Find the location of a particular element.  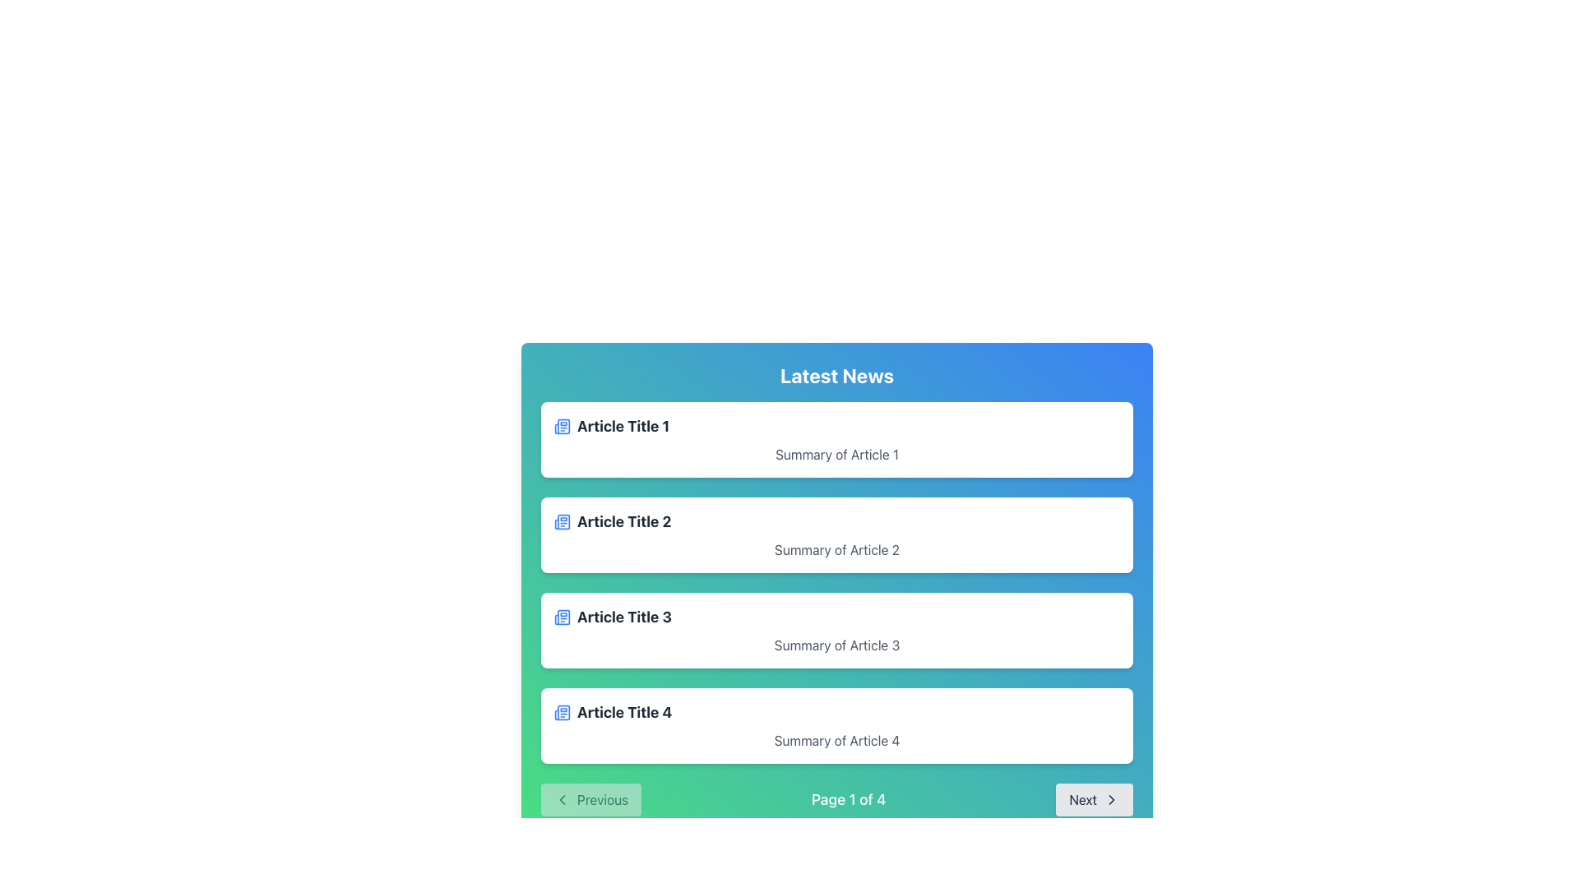

the right-chevron arrow icon located to the right of the 'Next' text in the gray button at the bottom-right corner of the interface is located at coordinates (1112, 798).